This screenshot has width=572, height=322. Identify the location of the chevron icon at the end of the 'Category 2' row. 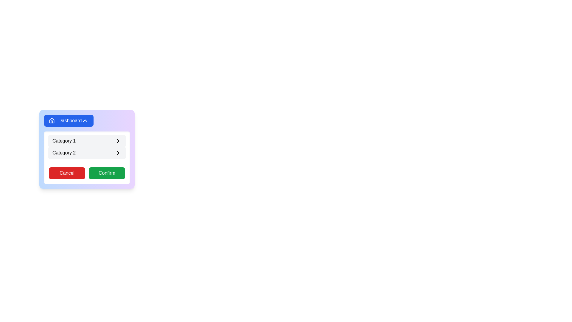
(118, 153).